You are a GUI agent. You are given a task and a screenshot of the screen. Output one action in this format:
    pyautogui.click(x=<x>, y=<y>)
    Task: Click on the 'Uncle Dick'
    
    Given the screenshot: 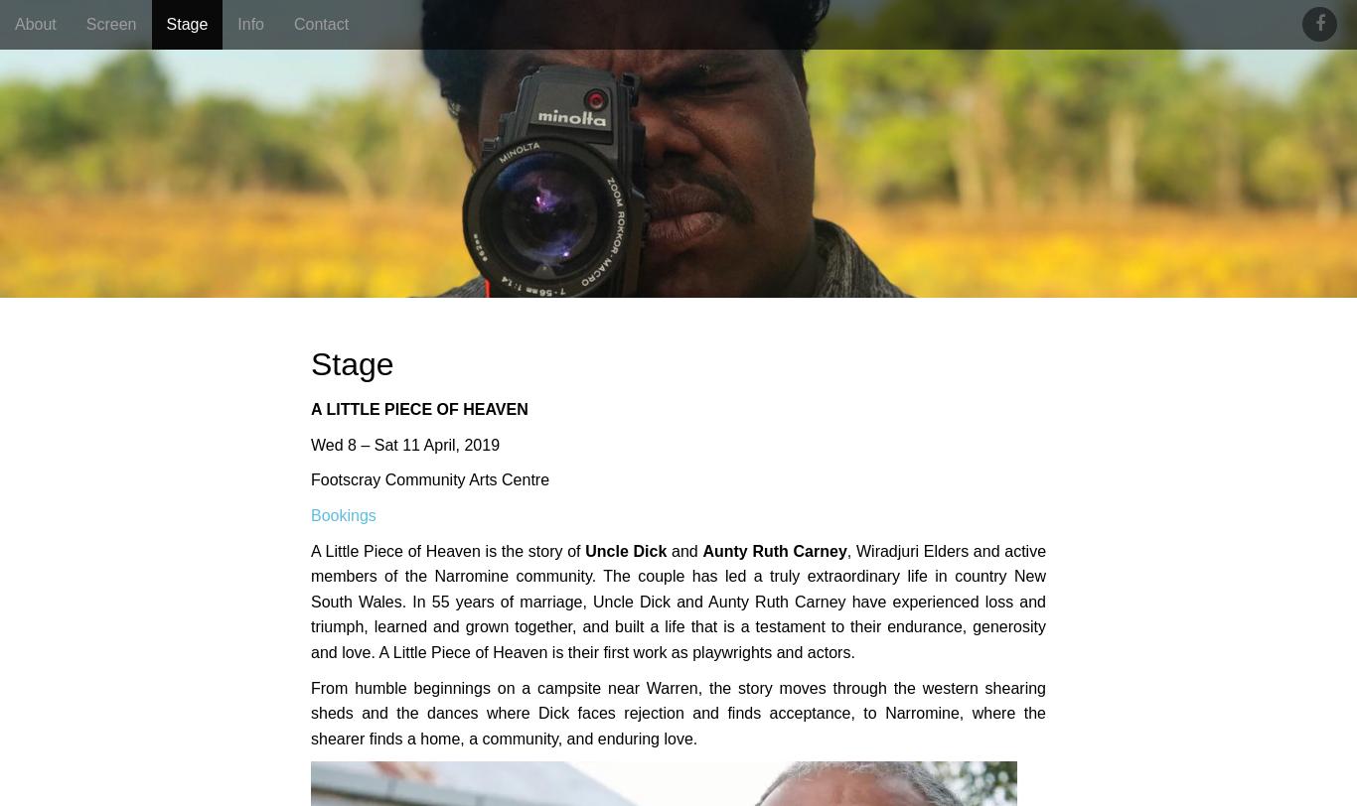 What is the action you would take?
    pyautogui.click(x=624, y=550)
    